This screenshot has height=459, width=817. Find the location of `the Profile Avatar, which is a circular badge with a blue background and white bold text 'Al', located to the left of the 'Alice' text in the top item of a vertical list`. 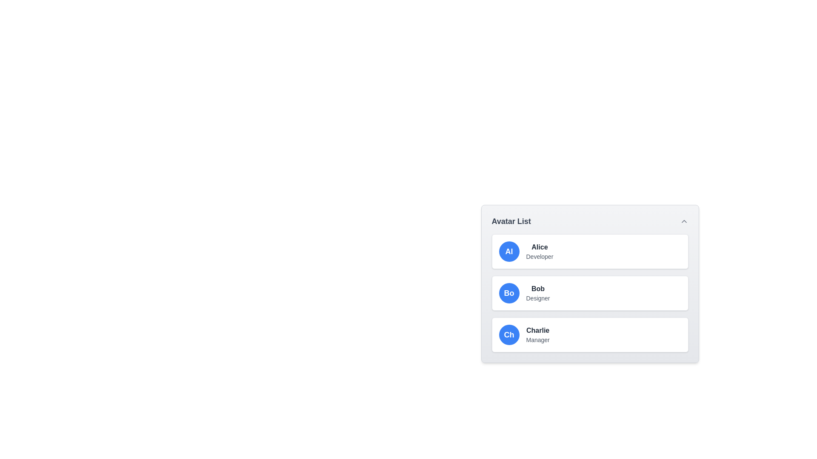

the Profile Avatar, which is a circular badge with a blue background and white bold text 'Al', located to the left of the 'Alice' text in the top item of a vertical list is located at coordinates (509, 251).